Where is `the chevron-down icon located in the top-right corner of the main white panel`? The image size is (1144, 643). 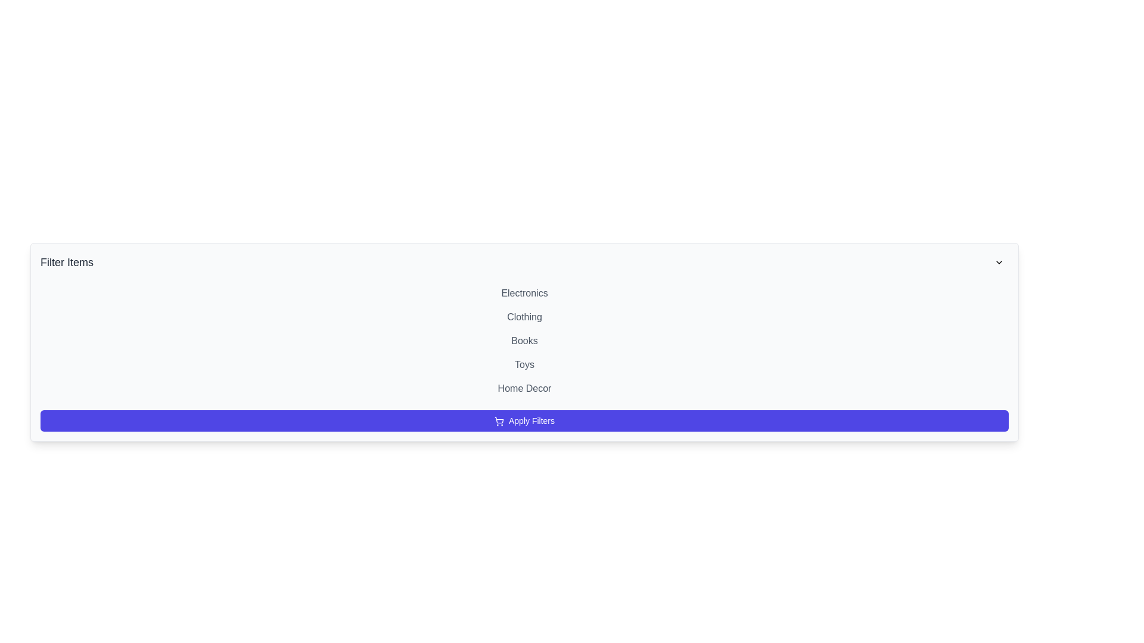 the chevron-down icon located in the top-right corner of the main white panel is located at coordinates (999, 261).